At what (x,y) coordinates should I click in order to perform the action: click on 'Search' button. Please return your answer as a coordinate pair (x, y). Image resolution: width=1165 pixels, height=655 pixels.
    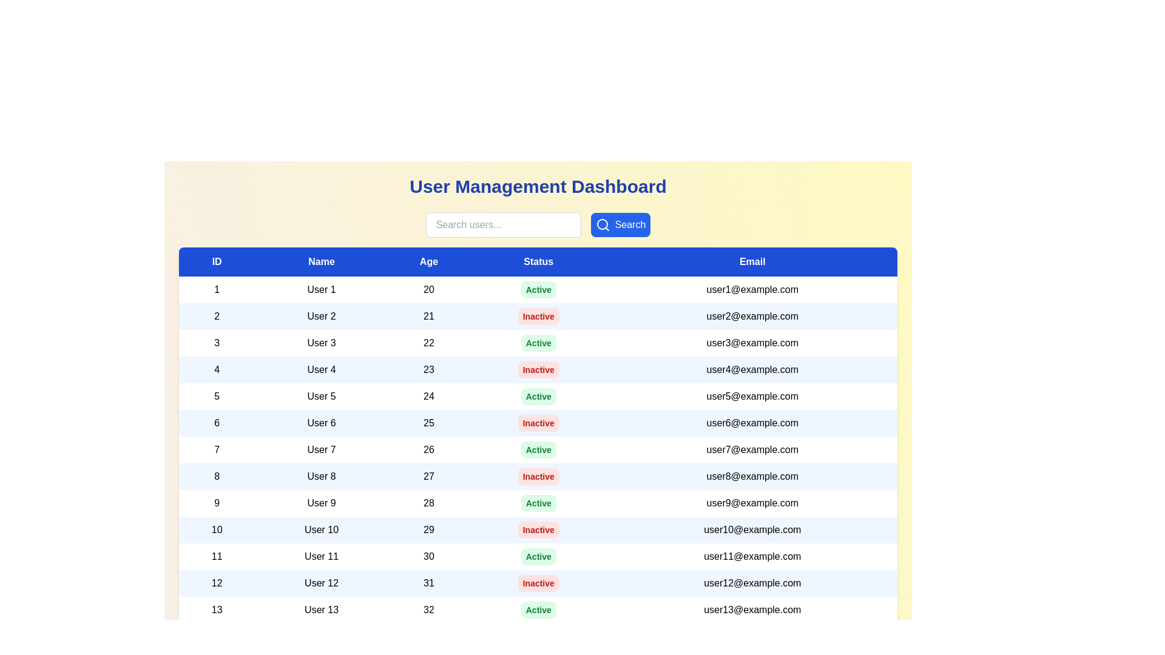
    Looking at the image, I should click on (620, 224).